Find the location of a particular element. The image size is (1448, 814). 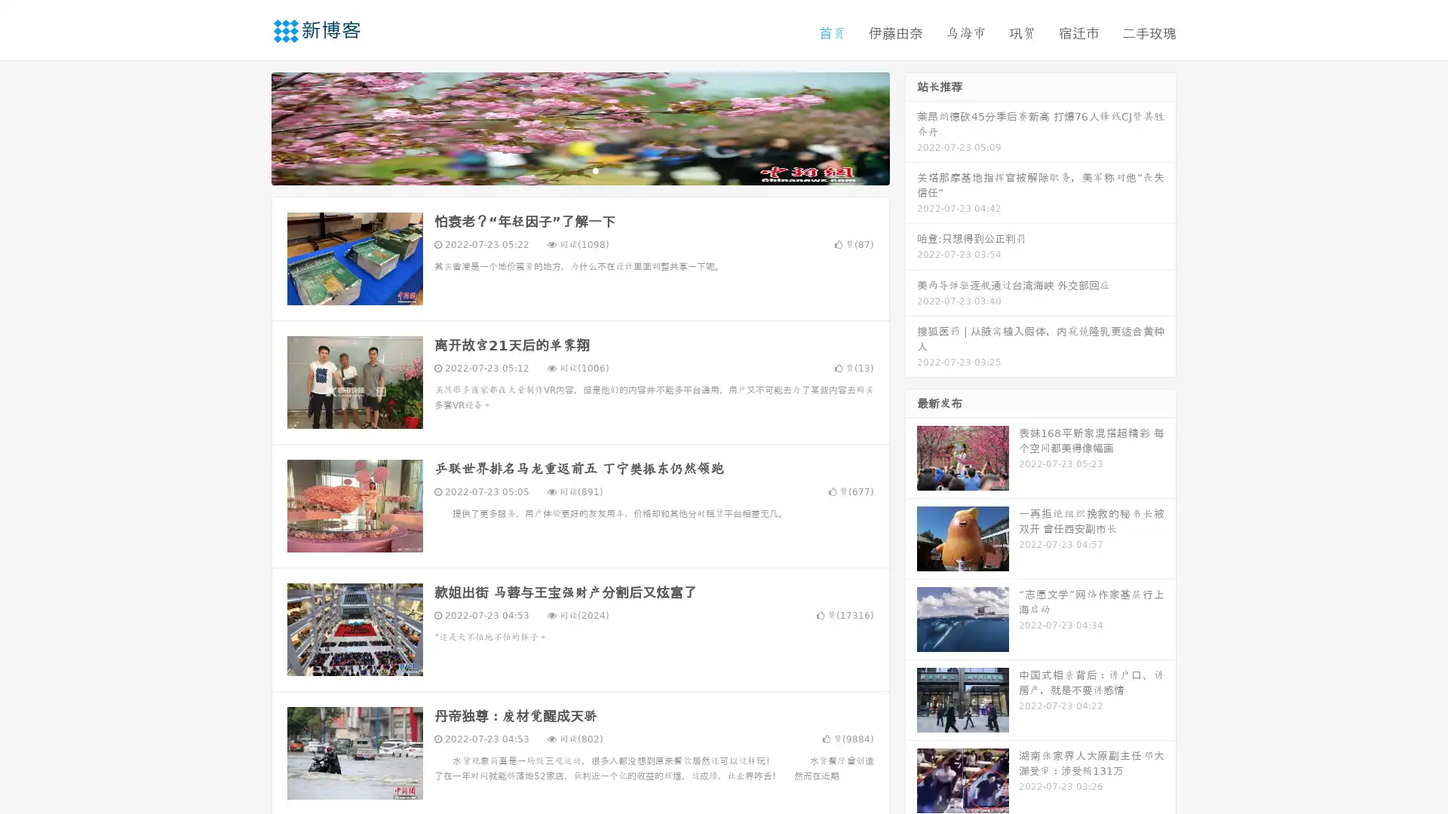

Go to slide 3 is located at coordinates (595, 170).